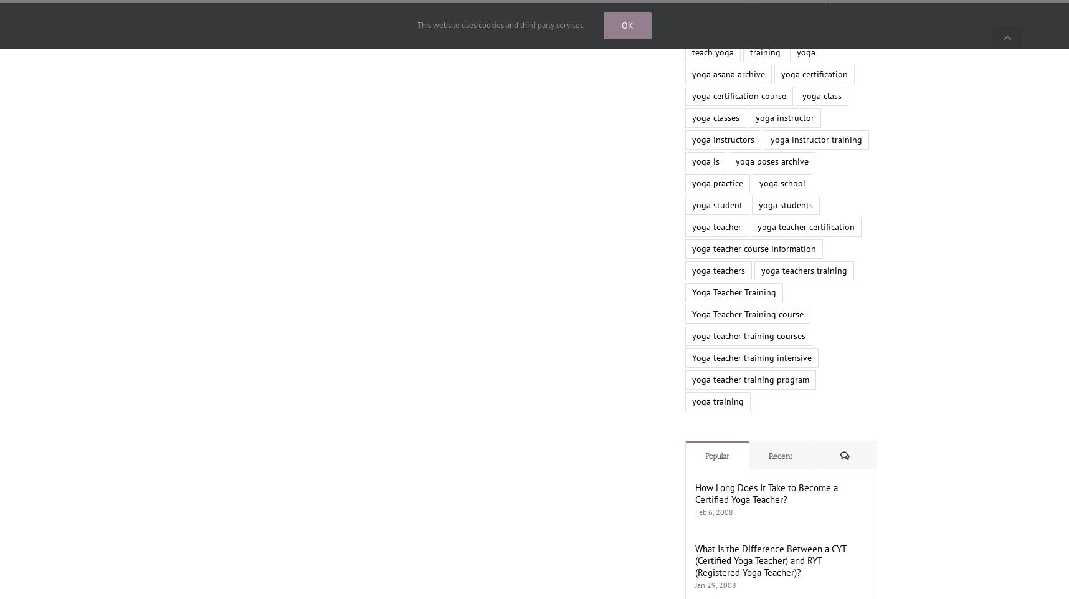 The width and height of the screenshot is (1069, 599). What do you see at coordinates (694, 560) in the screenshot?
I see `'What Is the Difference Between a CYT (Certified Yoga Teacher) and RYT (Registered Yoga Teacher)?'` at bounding box center [694, 560].